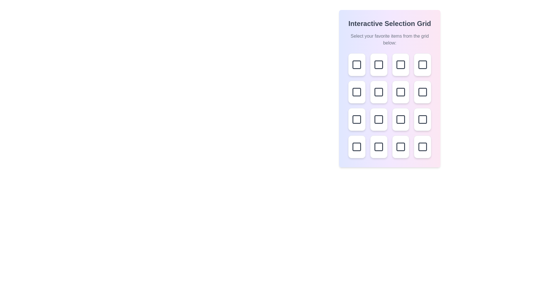 The image size is (548, 308). What do you see at coordinates (356, 92) in the screenshot?
I see `the decorative square element located in the first column of the second row within a 4x4 grid of non-interactive SVG designs` at bounding box center [356, 92].